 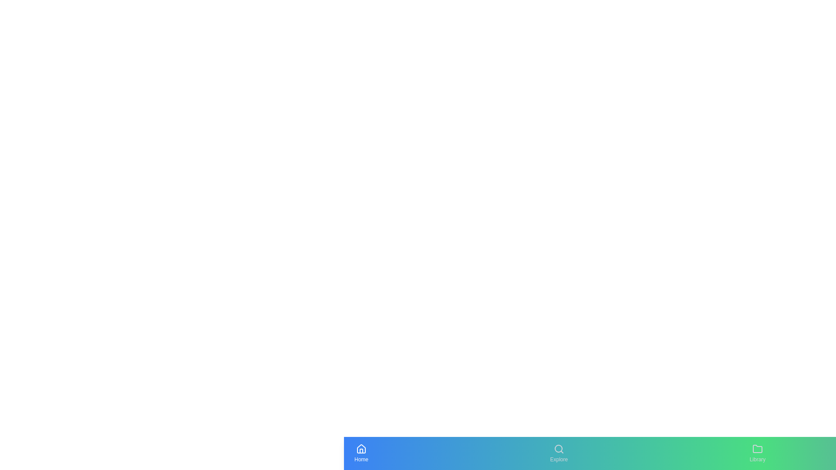 I want to click on the tab labeled Home to view its hover animation, so click(x=361, y=453).